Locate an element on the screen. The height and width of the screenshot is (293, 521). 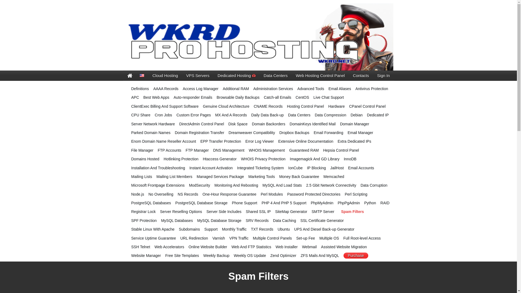
'Shared SSL IP' is located at coordinates (246, 211).